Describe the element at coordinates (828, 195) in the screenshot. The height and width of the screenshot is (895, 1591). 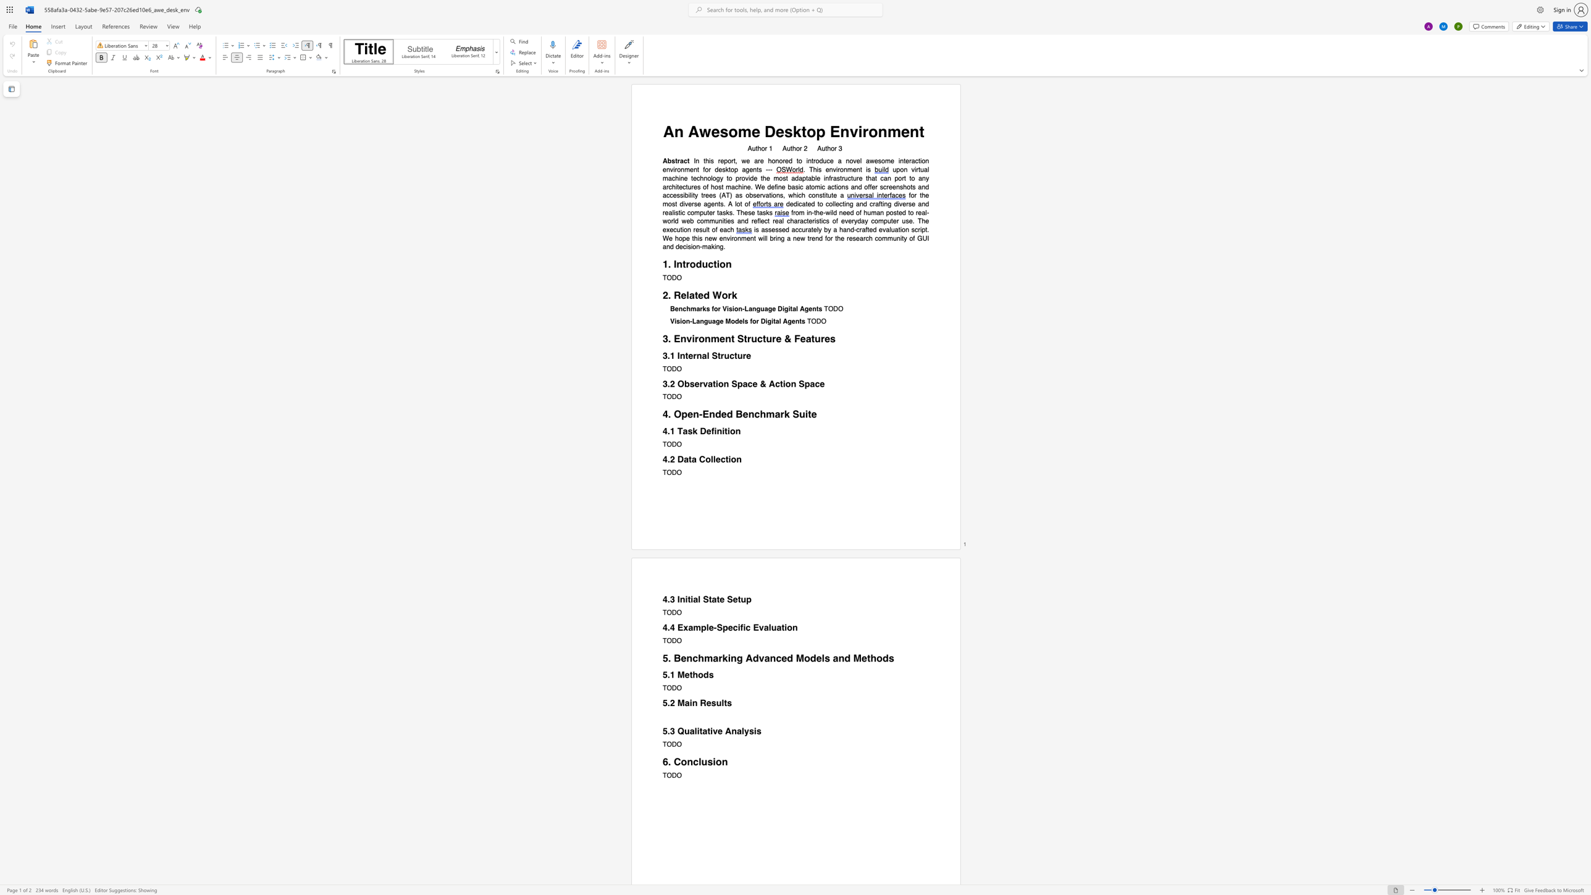
I see `the space between the continuous character "t" and "u" in the text` at that location.